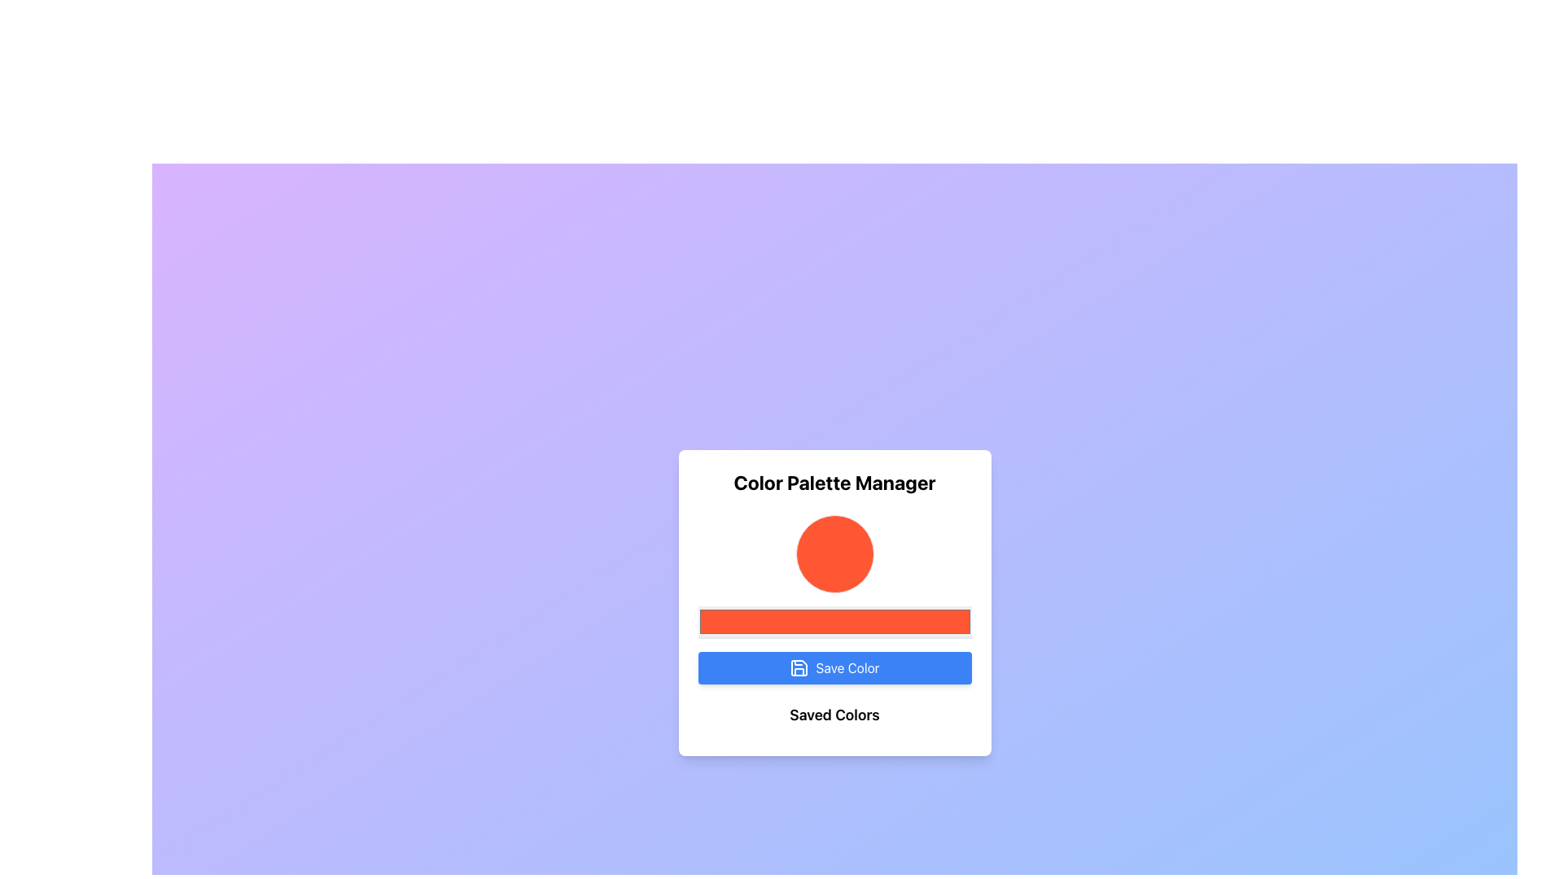 This screenshot has width=1563, height=879. I want to click on the 'Save Color' button located in the 'Color Palette Manager' section, which is directly beneath the color input field and above the 'Saved Colors' label, to trigger hover effects, so click(834, 668).